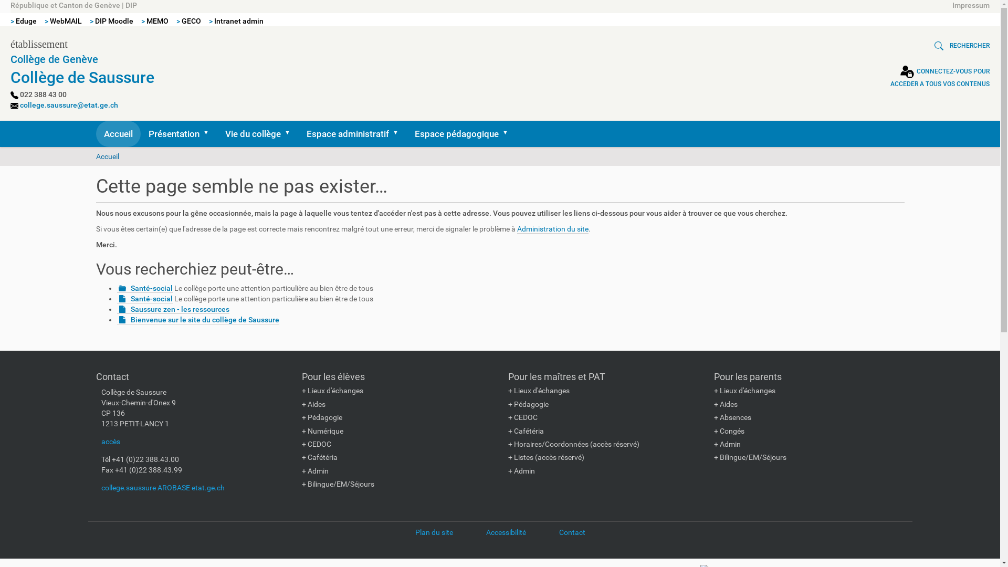 Image resolution: width=1008 pixels, height=567 pixels. Describe the element at coordinates (188, 20) in the screenshot. I see `'> GECO'` at that location.